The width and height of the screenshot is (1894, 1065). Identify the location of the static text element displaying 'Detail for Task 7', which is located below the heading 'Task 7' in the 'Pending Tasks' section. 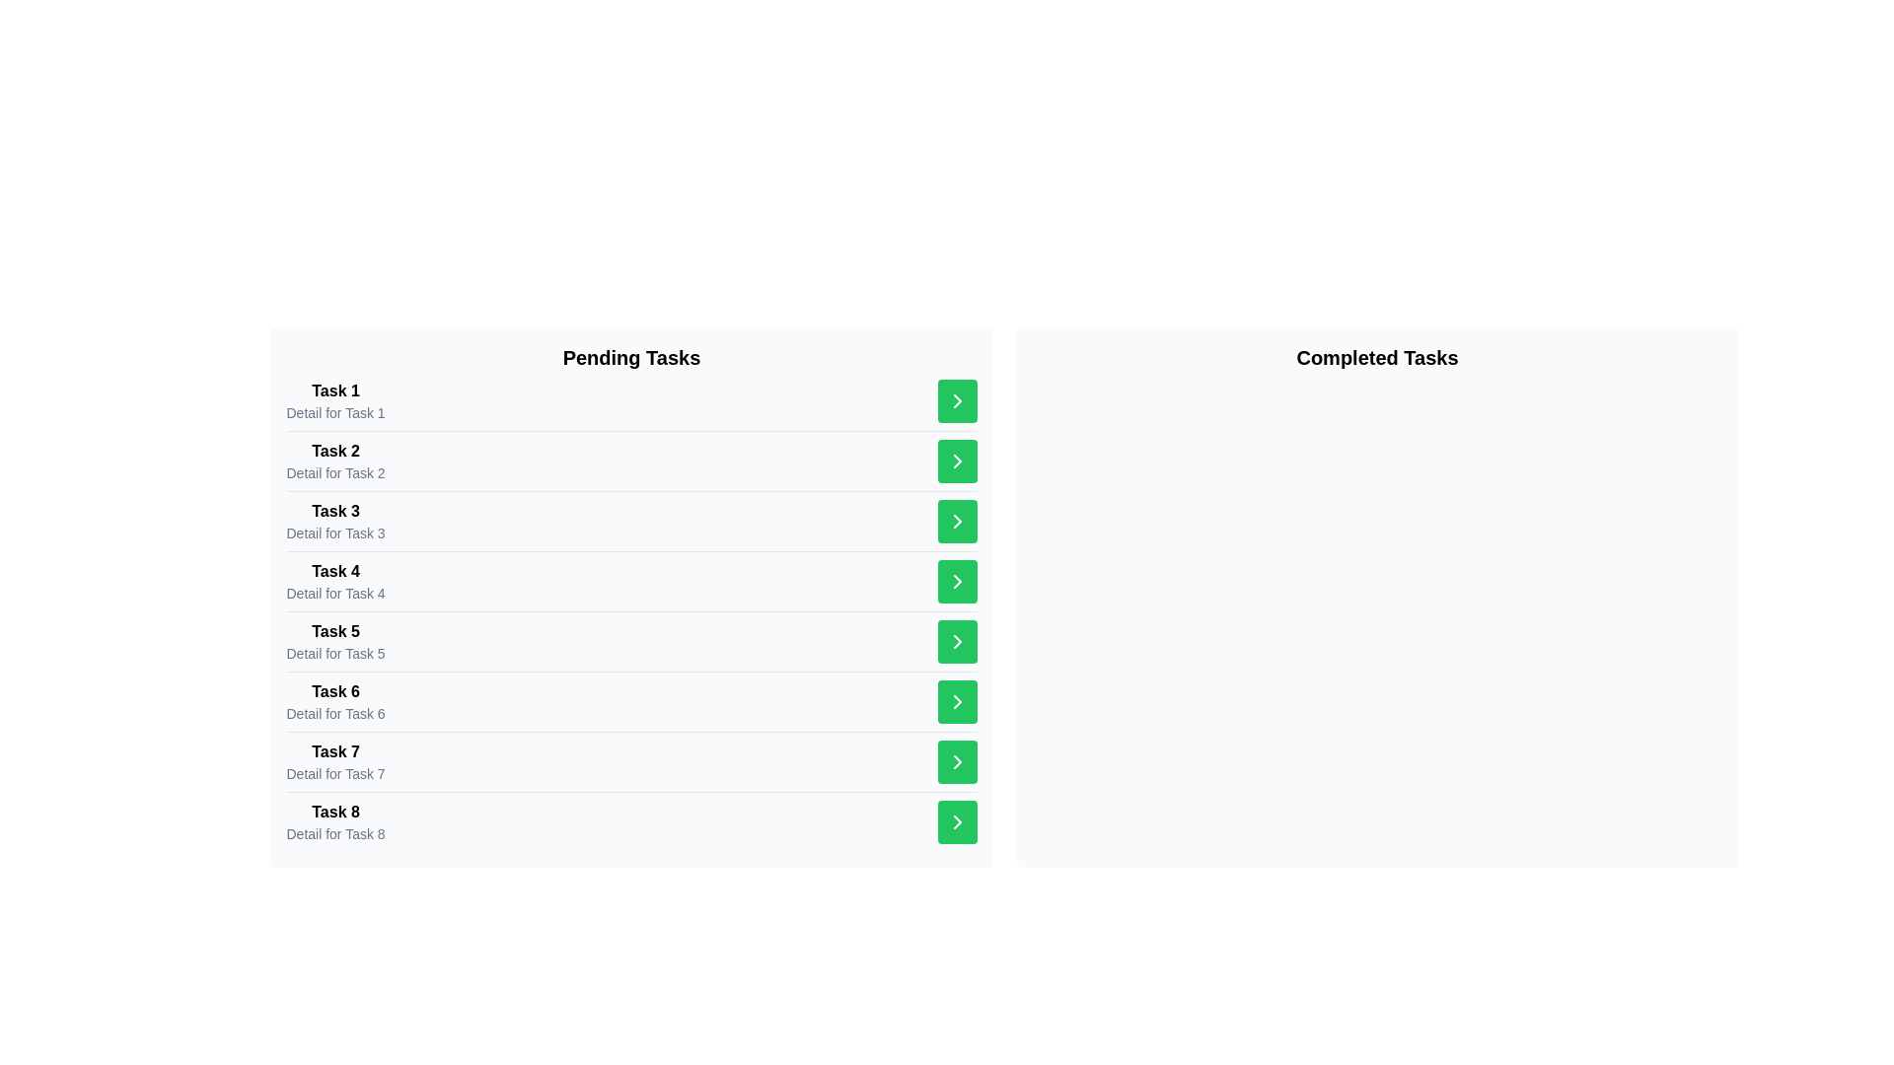
(335, 773).